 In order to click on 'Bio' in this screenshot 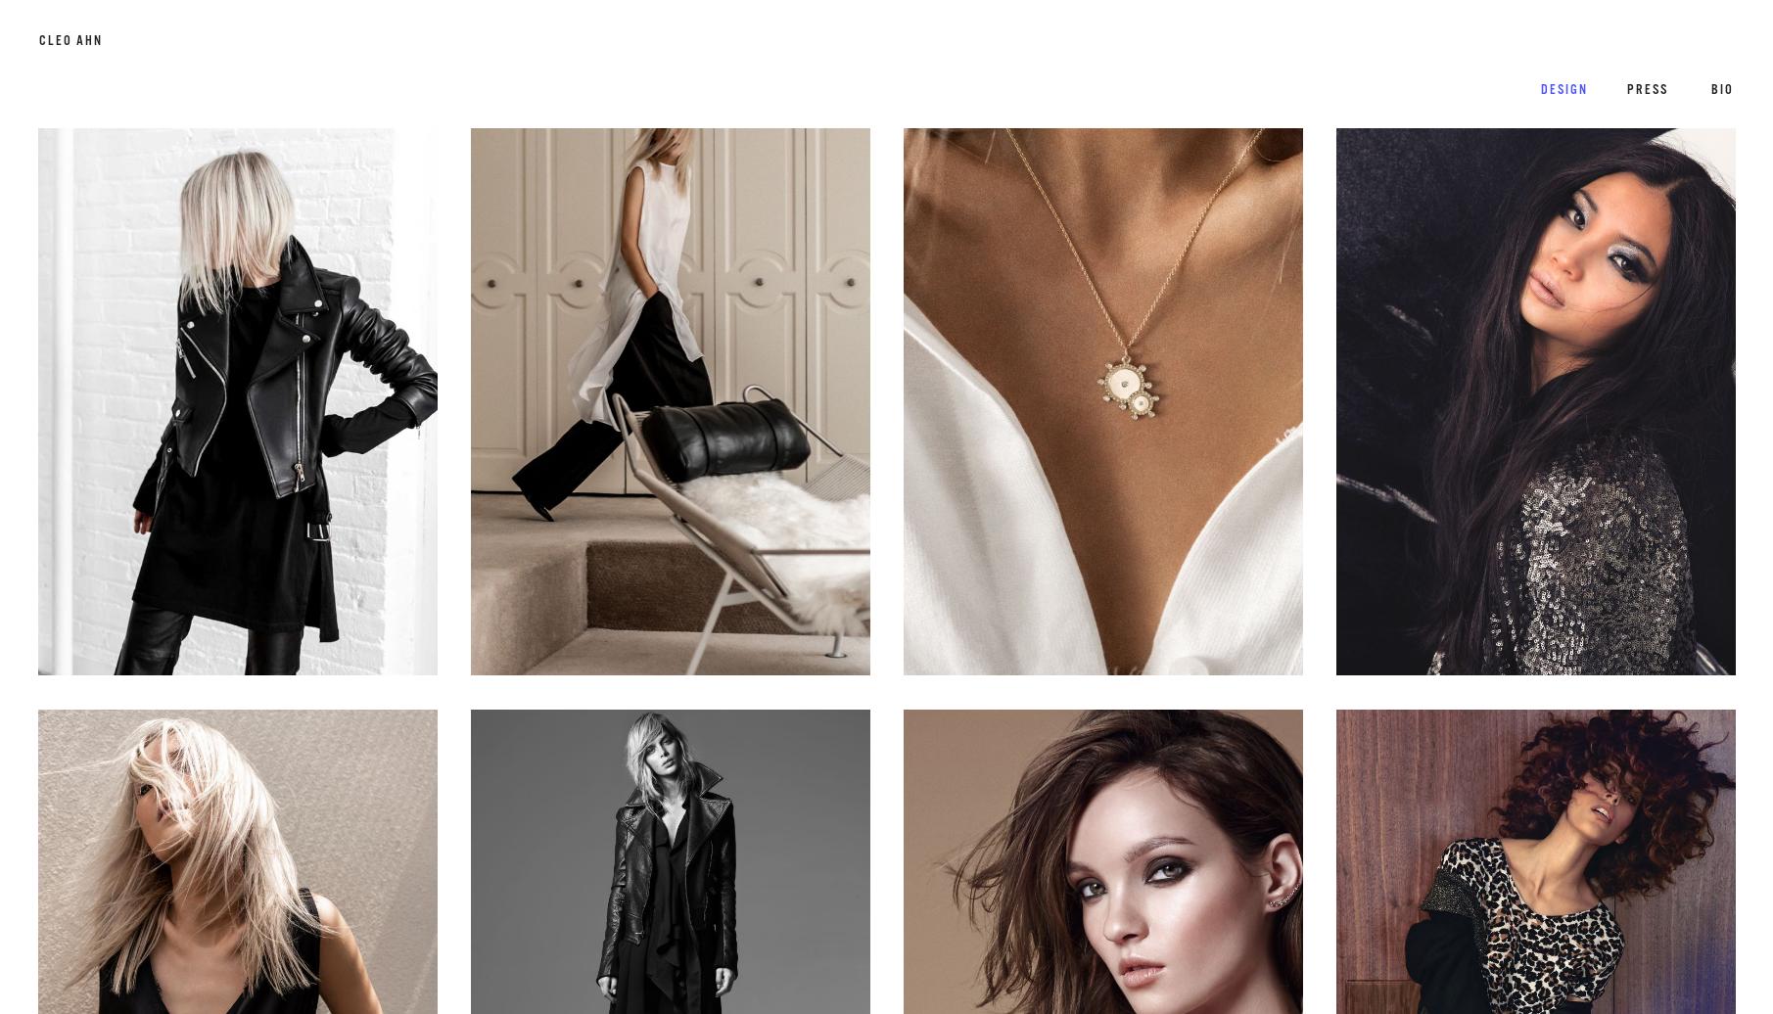, I will do `click(1709, 89)`.